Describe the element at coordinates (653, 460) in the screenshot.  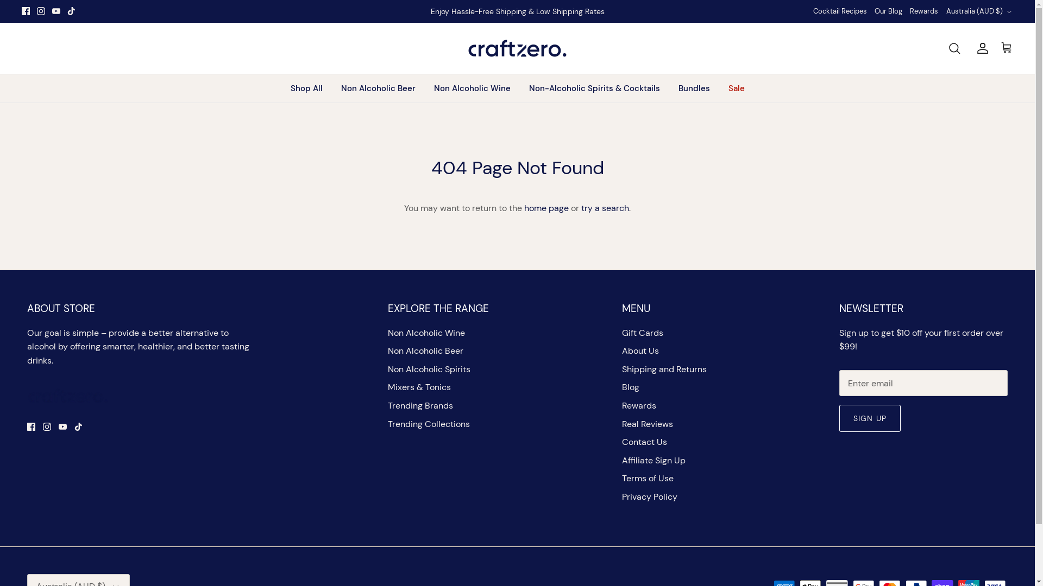
I see `'Affiliate Sign Up'` at that location.